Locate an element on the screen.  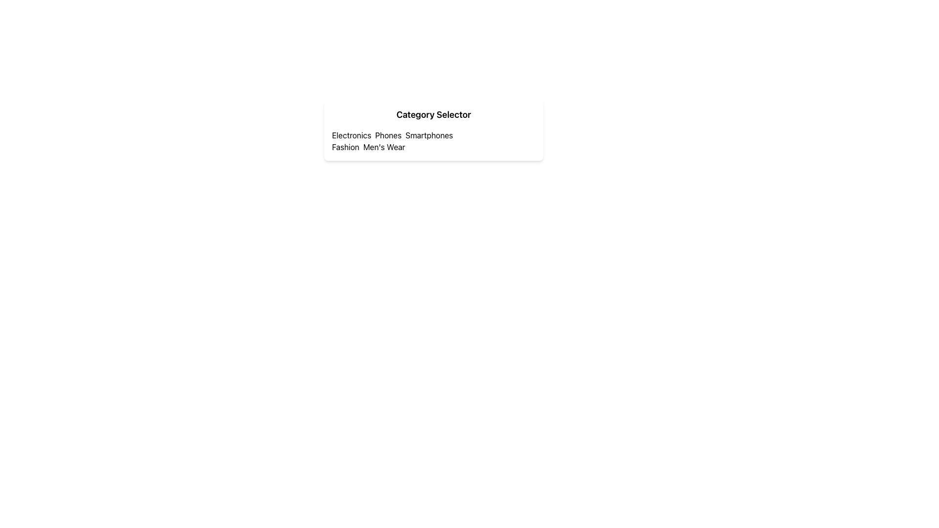
the 'Smartphones' text label, which is styled in a simple, sans-serif font and is part of the hierarchical navigation under 'Category Selector', if it is a hyperlink is located at coordinates (429, 135).